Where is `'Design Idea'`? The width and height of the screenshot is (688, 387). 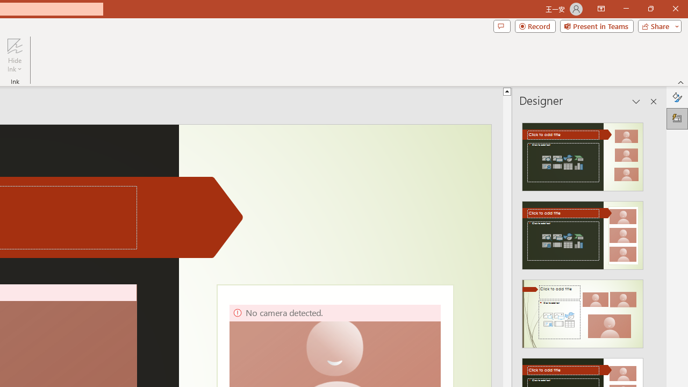 'Design Idea' is located at coordinates (582, 310).